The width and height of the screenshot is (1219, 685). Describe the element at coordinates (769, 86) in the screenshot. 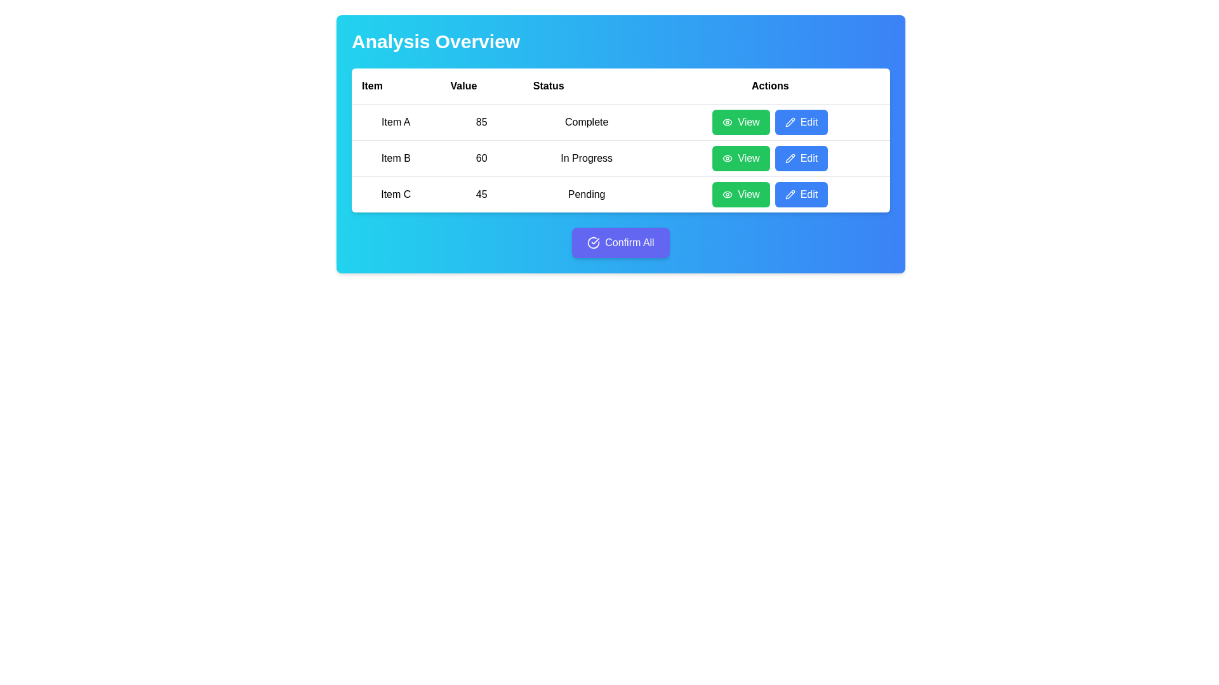

I see `the text header labeled 'Actions', which is styled with black, bold text and is located in the upper section of the interface as the last header in a table layout` at that location.